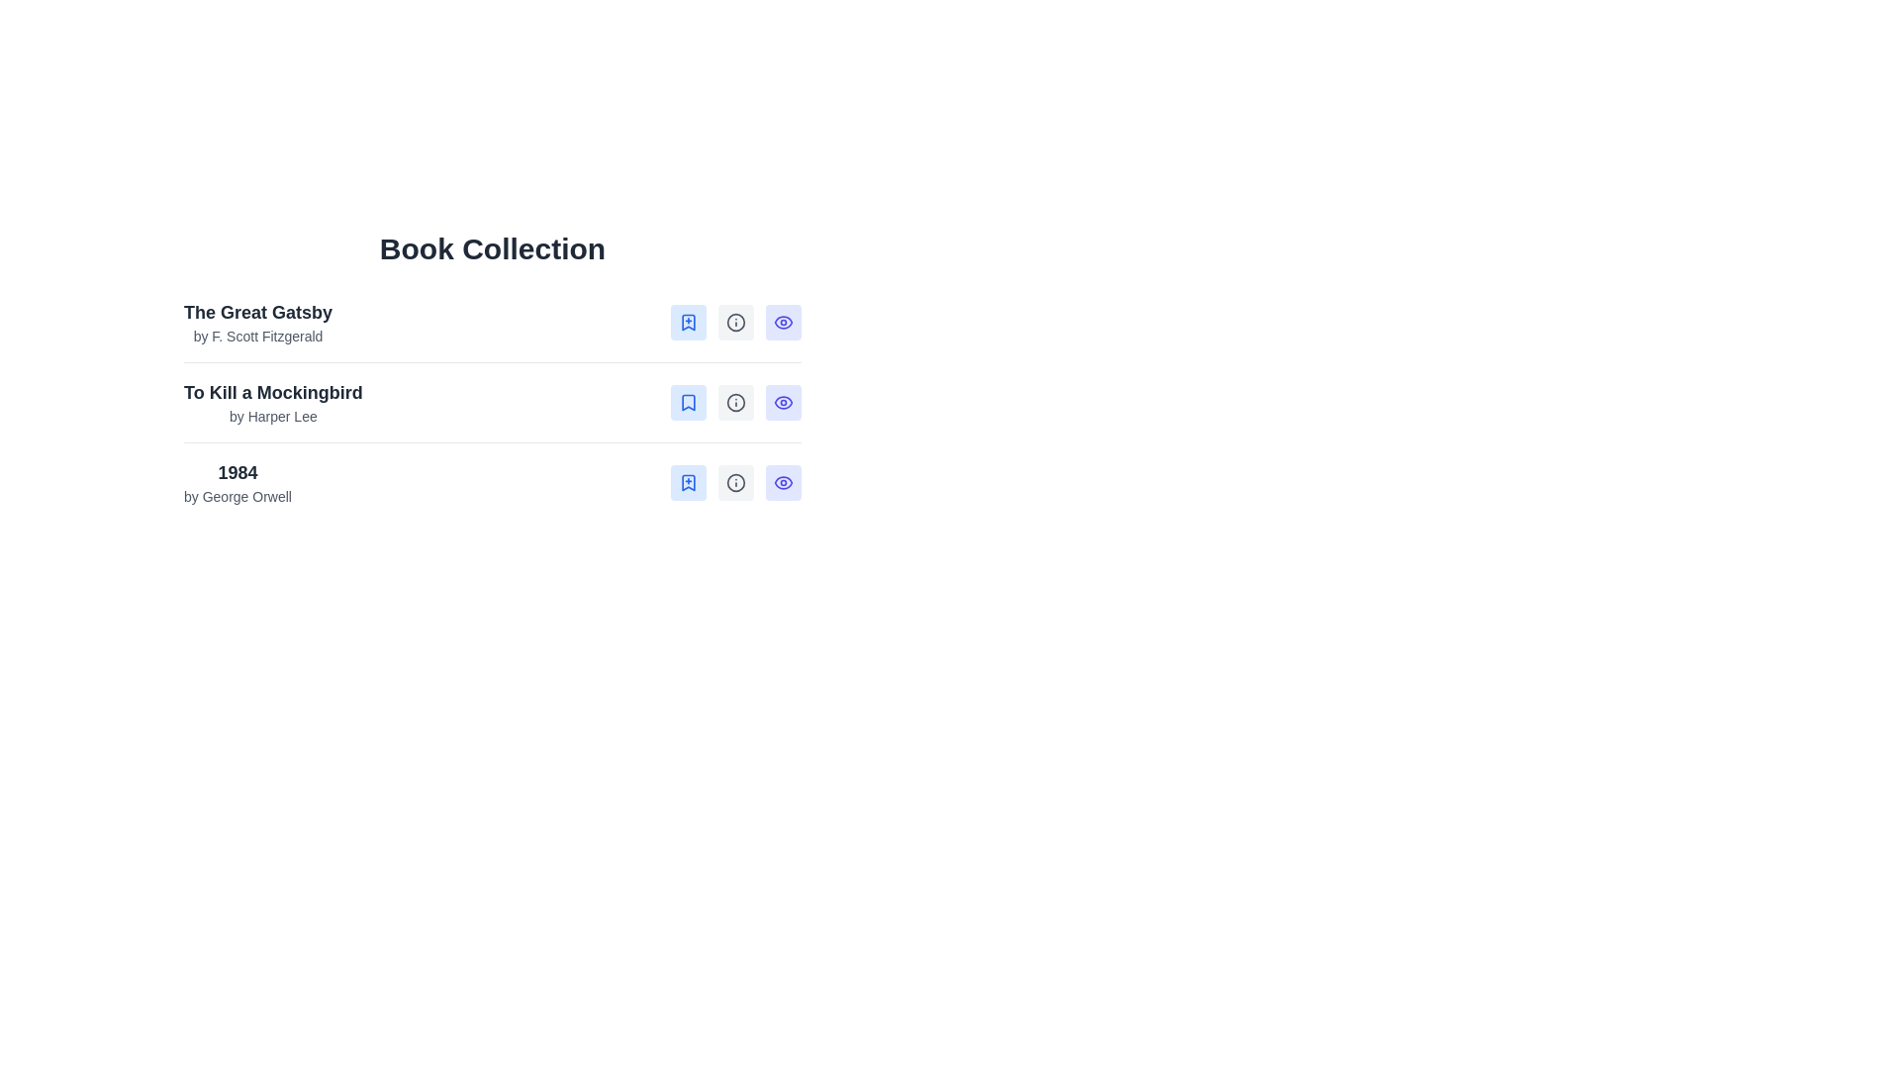  Describe the element at coordinates (735, 483) in the screenshot. I see `the details icon, which is a gray information symbol in a circular outline format, located in the last row of the 'Book Collection' section, between the bookmark icon and the eye icon` at that location.